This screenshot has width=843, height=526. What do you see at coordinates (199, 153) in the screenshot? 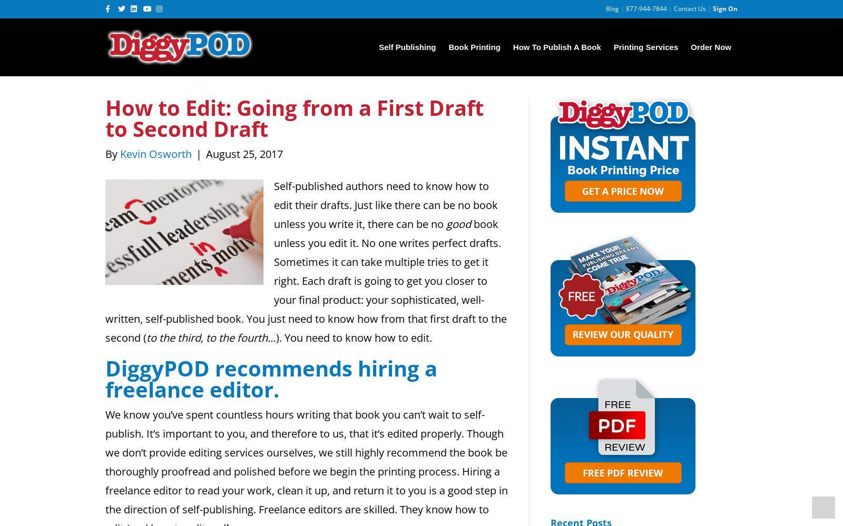
I see `'|'` at bounding box center [199, 153].